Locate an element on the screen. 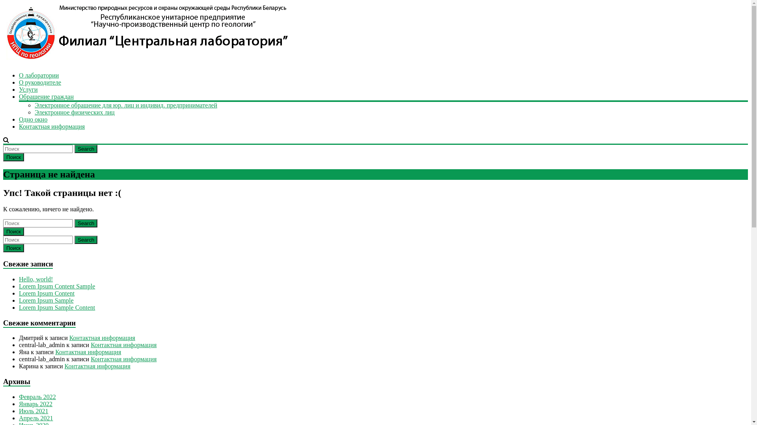 This screenshot has width=757, height=425. 'Lorem Ipsum Content' is located at coordinates (46, 293).